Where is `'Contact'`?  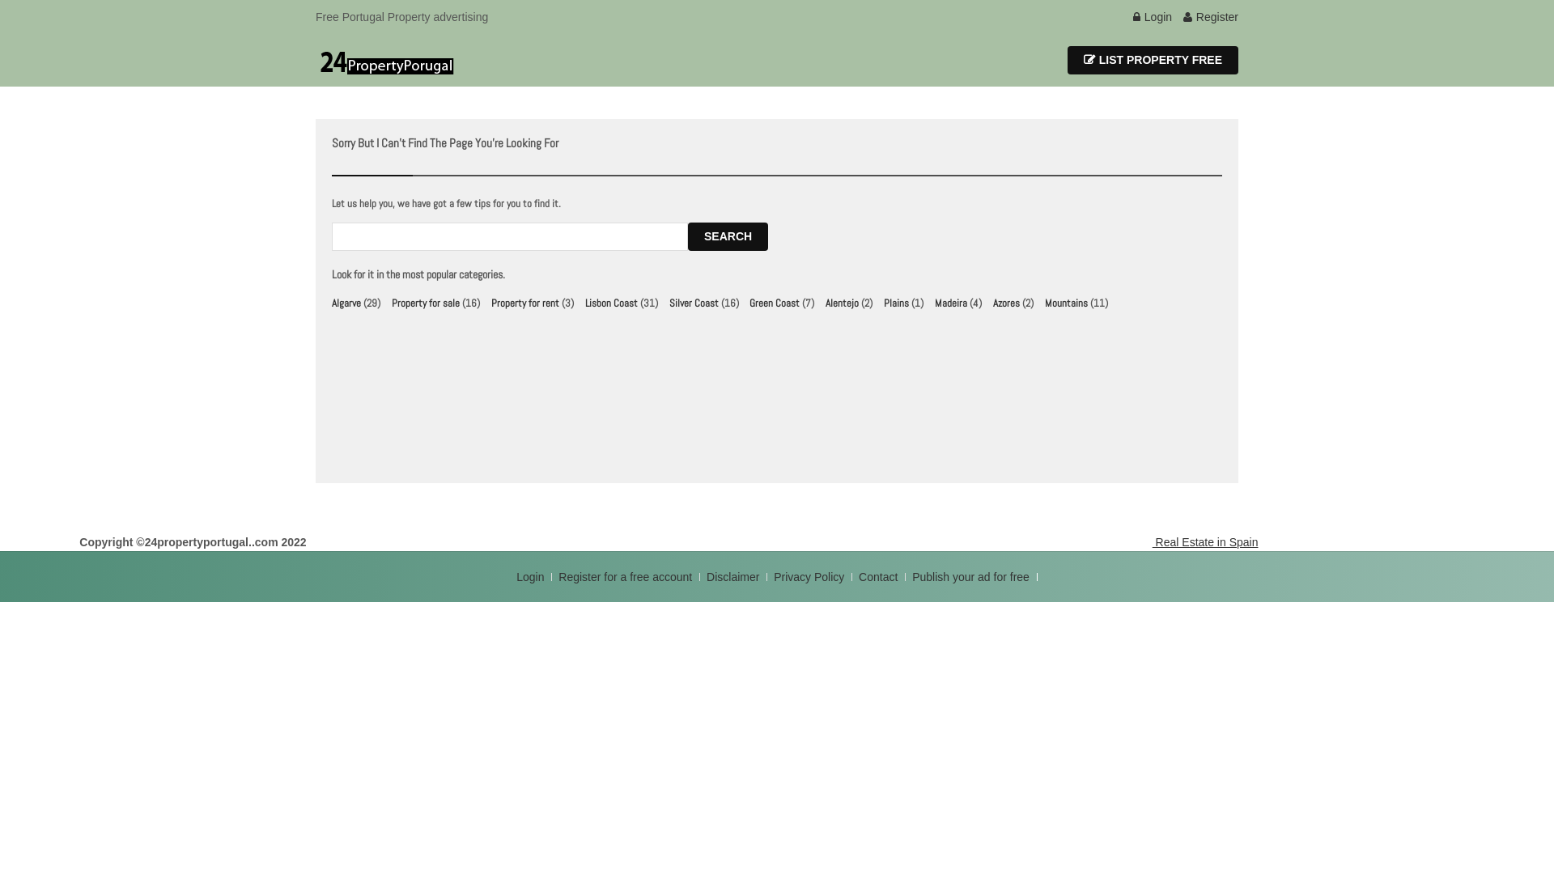
'Contact' is located at coordinates (878, 576).